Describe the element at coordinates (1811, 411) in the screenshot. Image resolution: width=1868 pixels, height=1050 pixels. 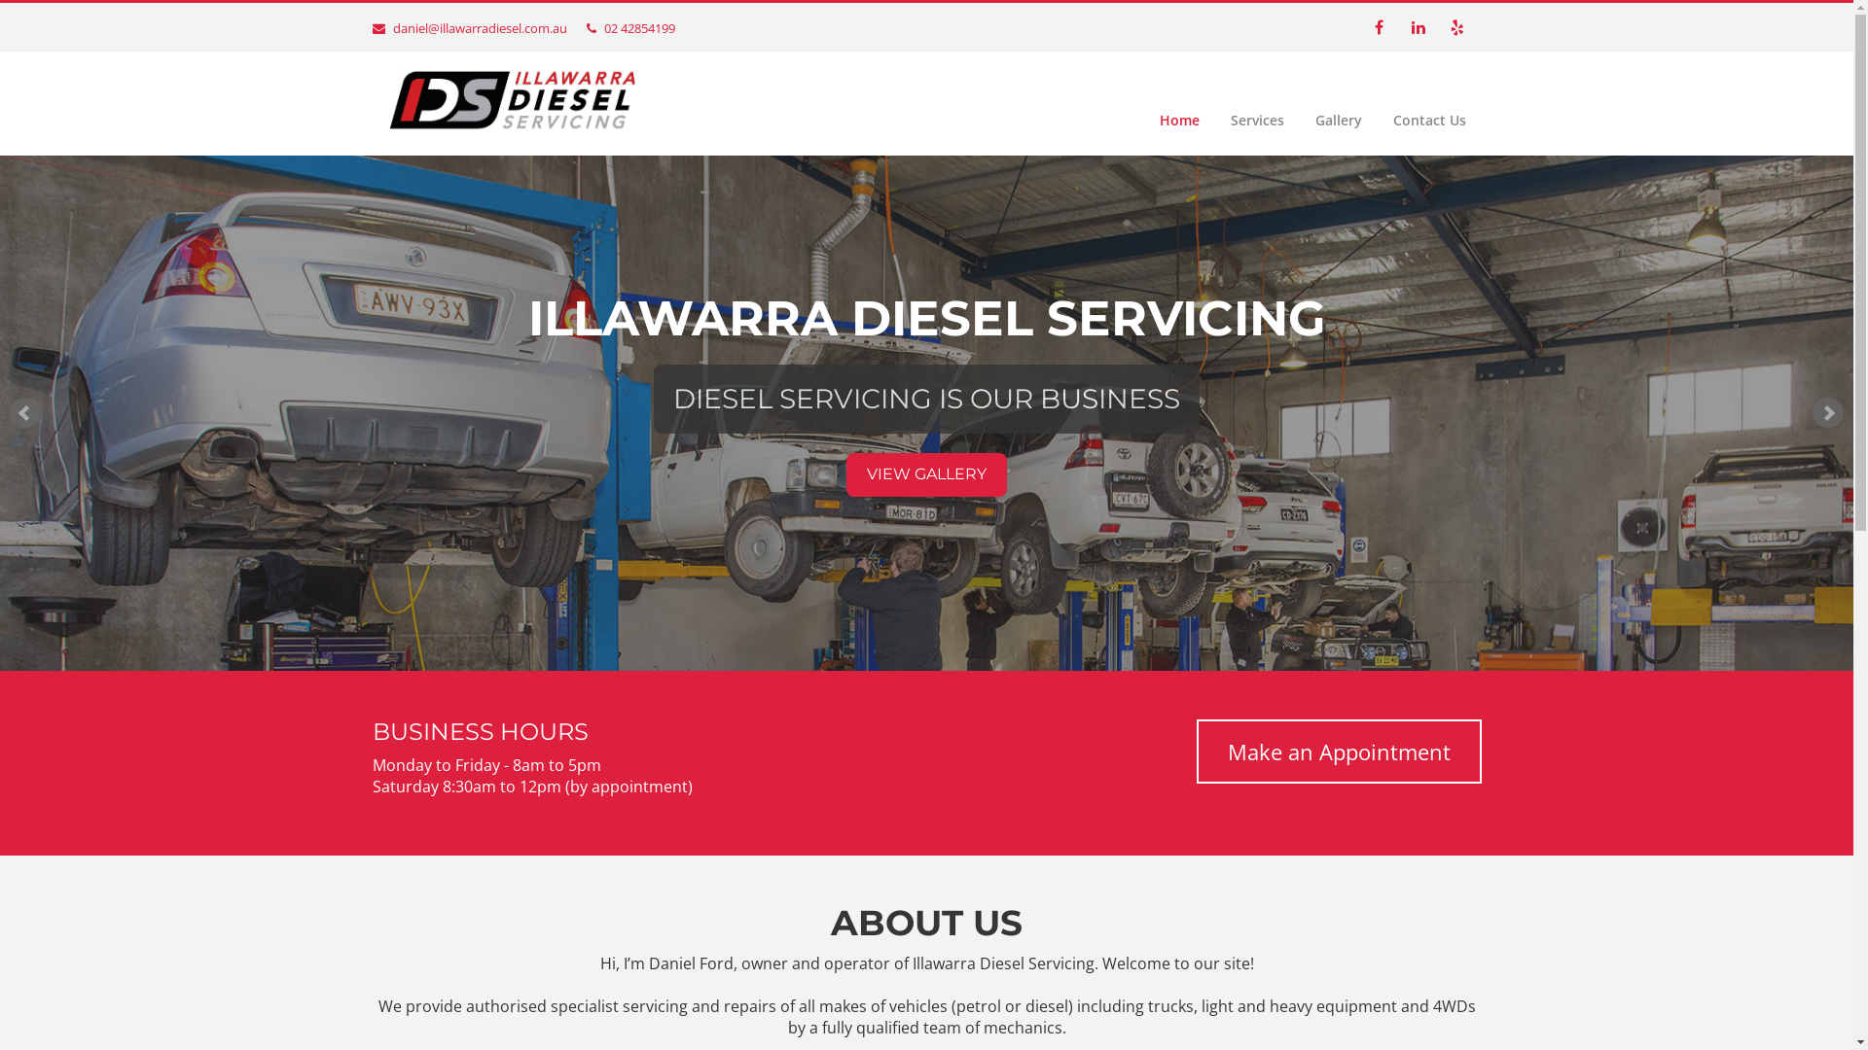
I see `'Next'` at that location.